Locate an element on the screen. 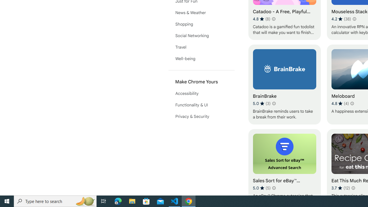  'Shopping' is located at coordinates (201, 24).